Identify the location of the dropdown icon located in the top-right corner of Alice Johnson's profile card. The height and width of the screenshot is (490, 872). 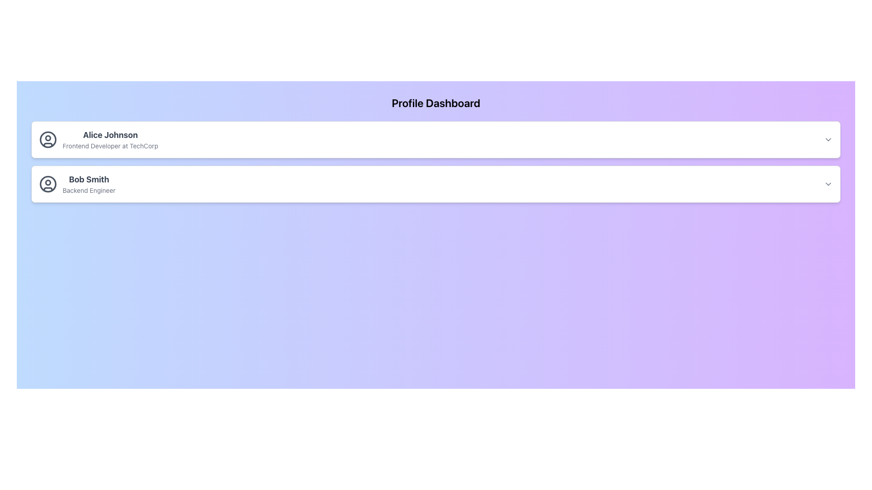
(828, 140).